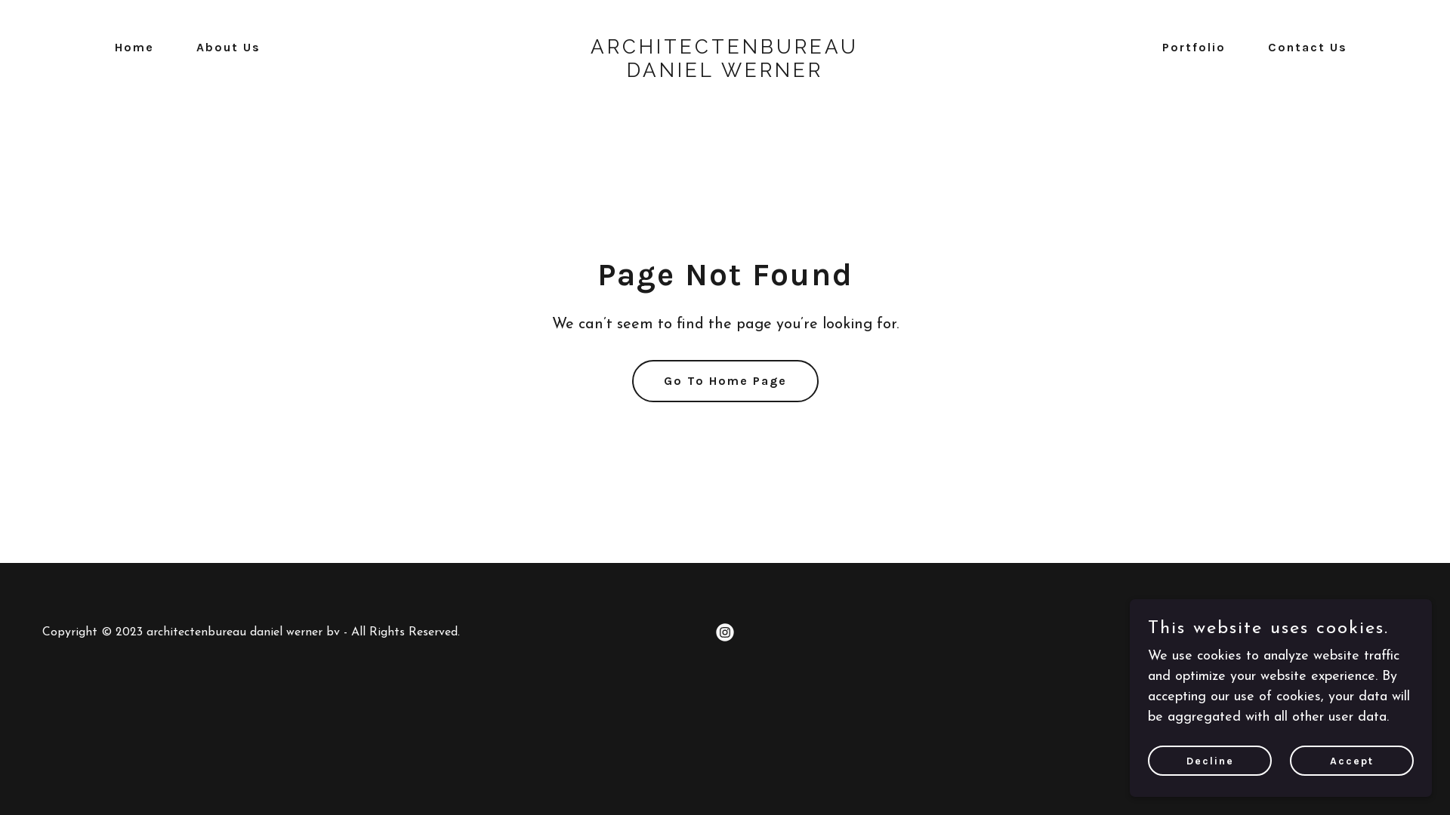 This screenshot has height=815, width=1450. I want to click on 'Home', so click(128, 46).